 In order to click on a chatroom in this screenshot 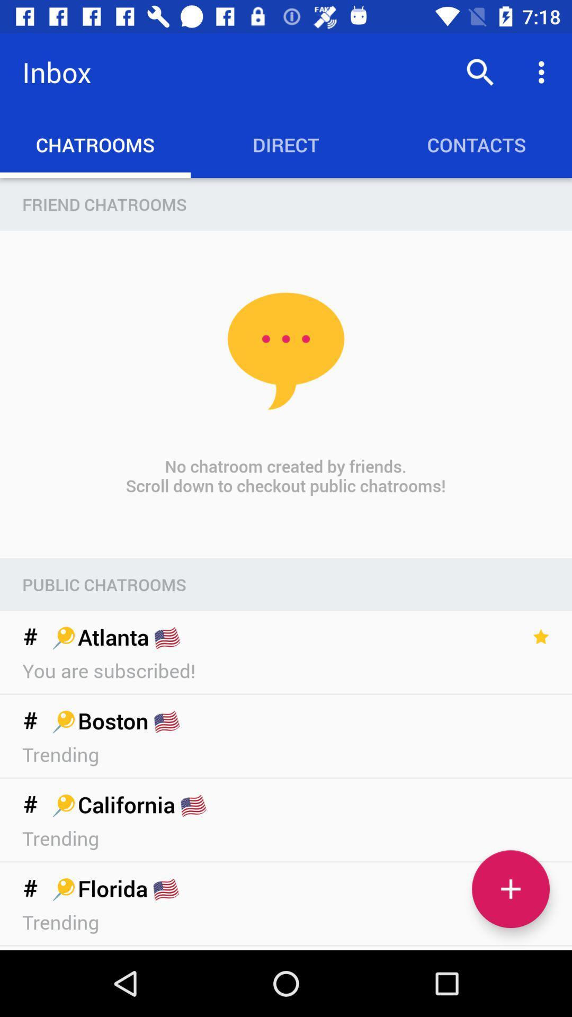, I will do `click(510, 889)`.